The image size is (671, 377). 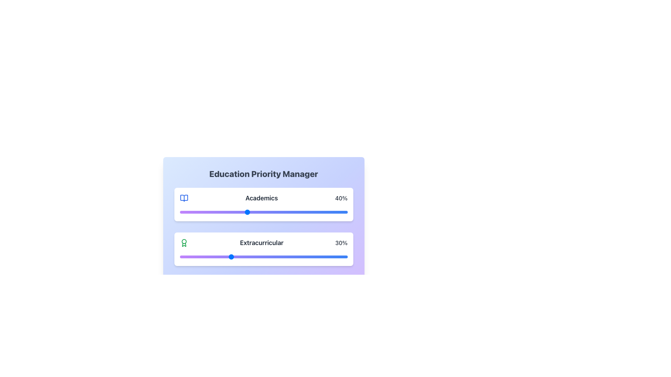 I want to click on the slider value, so click(x=255, y=212).